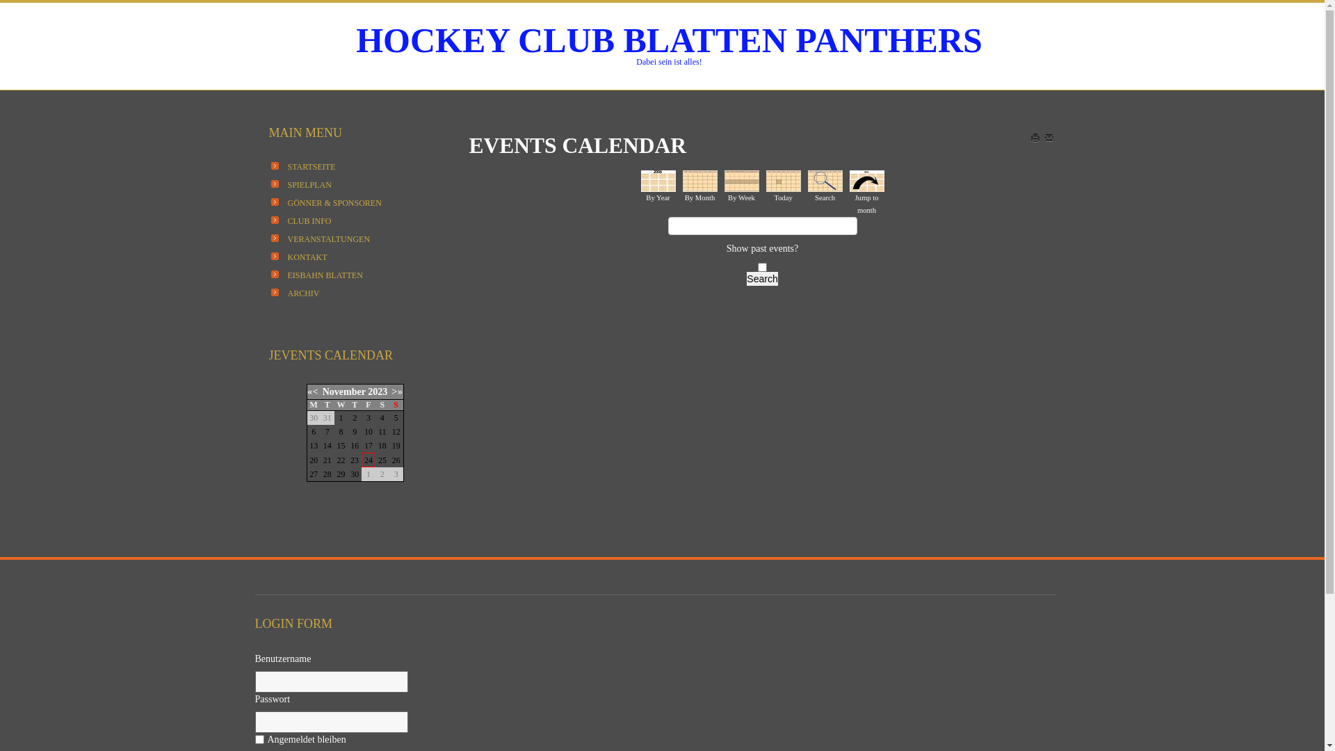 Image resolution: width=1335 pixels, height=751 pixels. I want to click on '3', so click(368, 417).